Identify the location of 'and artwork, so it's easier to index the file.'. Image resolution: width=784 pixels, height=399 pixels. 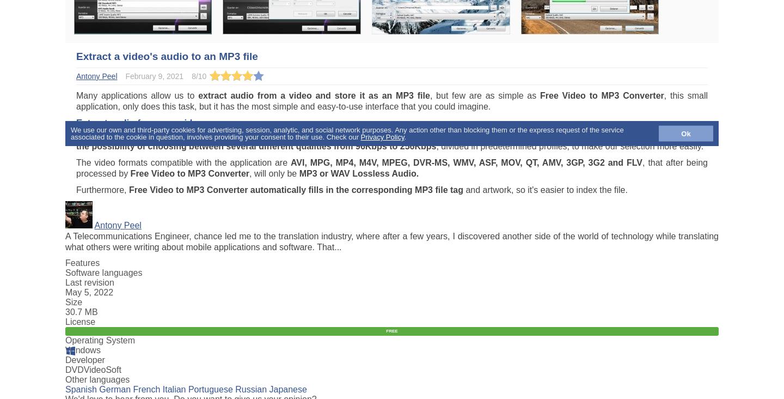
(544, 190).